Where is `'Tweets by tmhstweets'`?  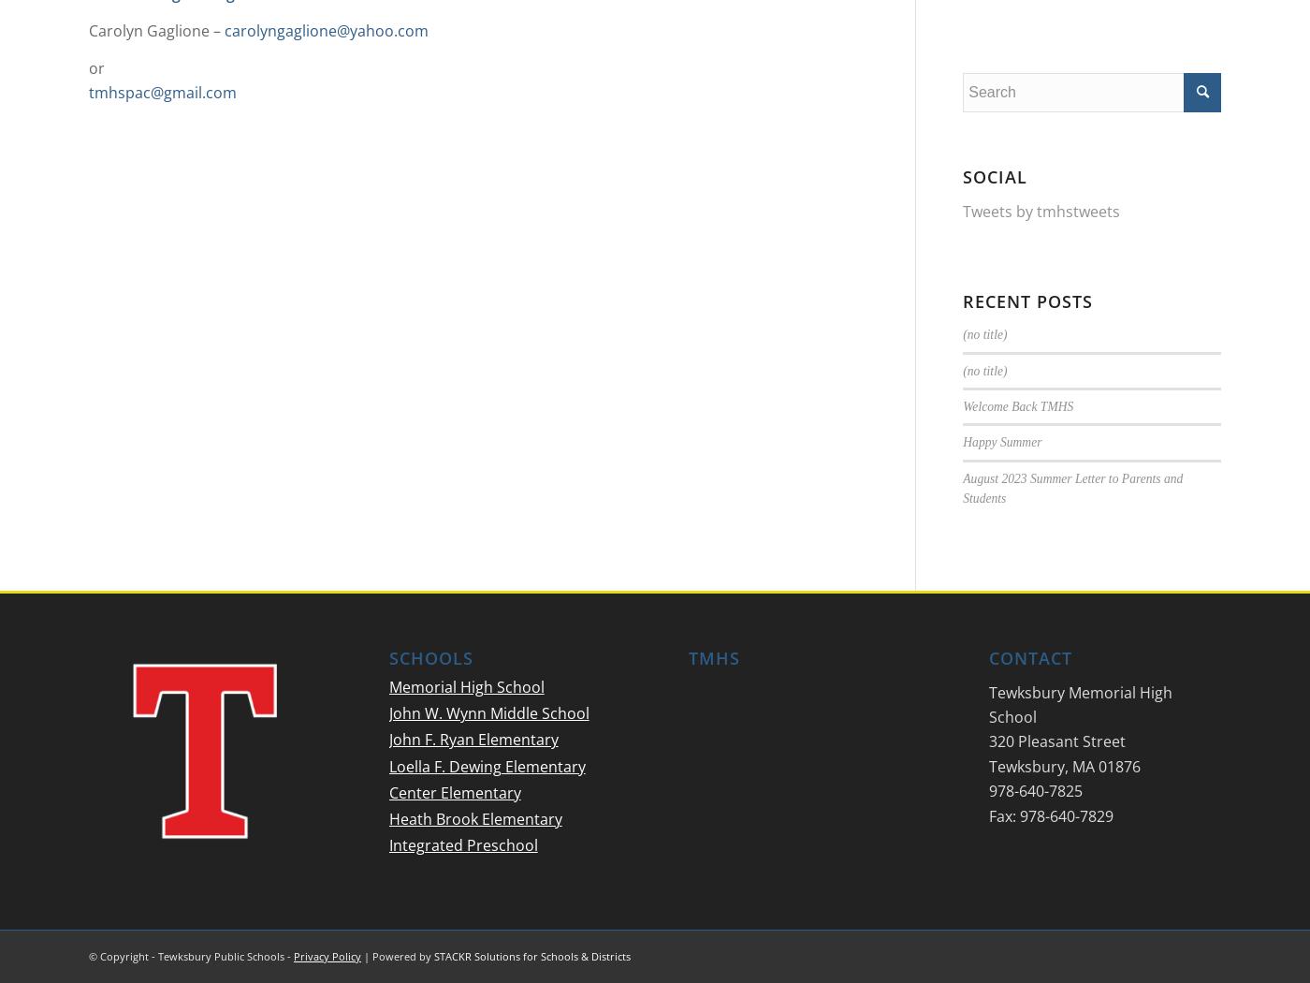 'Tweets by tmhstweets' is located at coordinates (1041, 211).